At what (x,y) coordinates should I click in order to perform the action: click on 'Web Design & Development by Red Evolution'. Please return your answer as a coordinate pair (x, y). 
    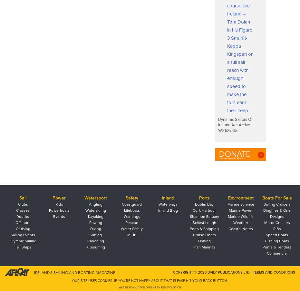
    Looking at the image, I should click on (119, 287).